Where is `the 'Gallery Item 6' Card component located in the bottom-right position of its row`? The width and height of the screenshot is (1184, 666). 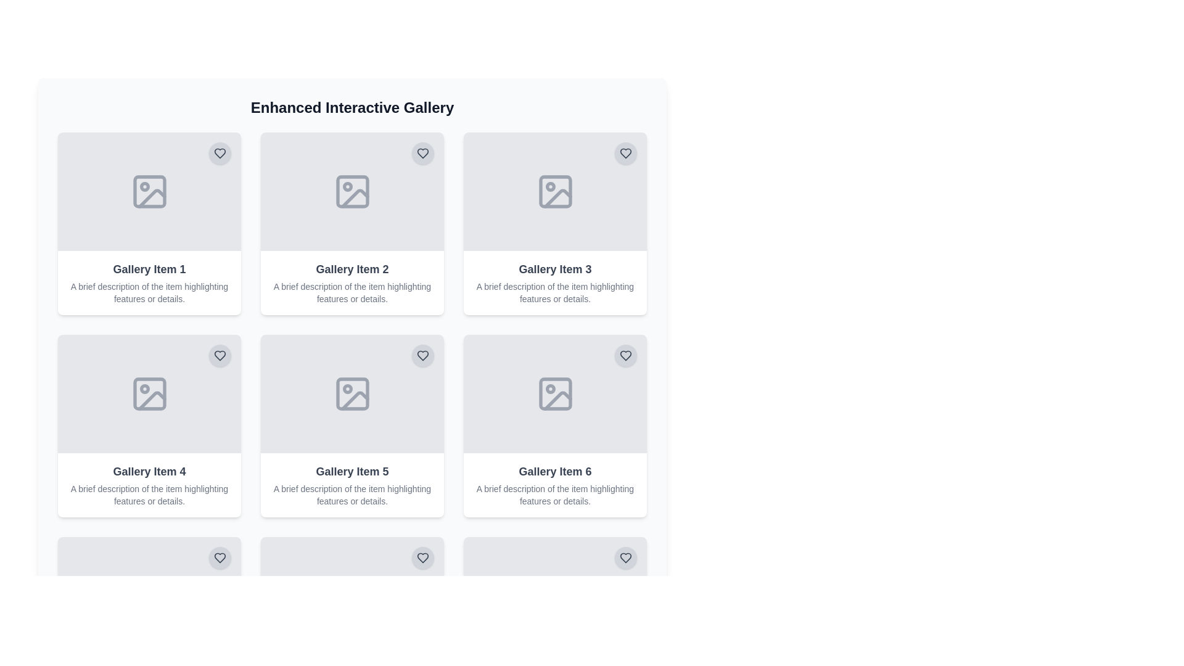
the 'Gallery Item 6' Card component located in the bottom-right position of its row is located at coordinates (554, 394).